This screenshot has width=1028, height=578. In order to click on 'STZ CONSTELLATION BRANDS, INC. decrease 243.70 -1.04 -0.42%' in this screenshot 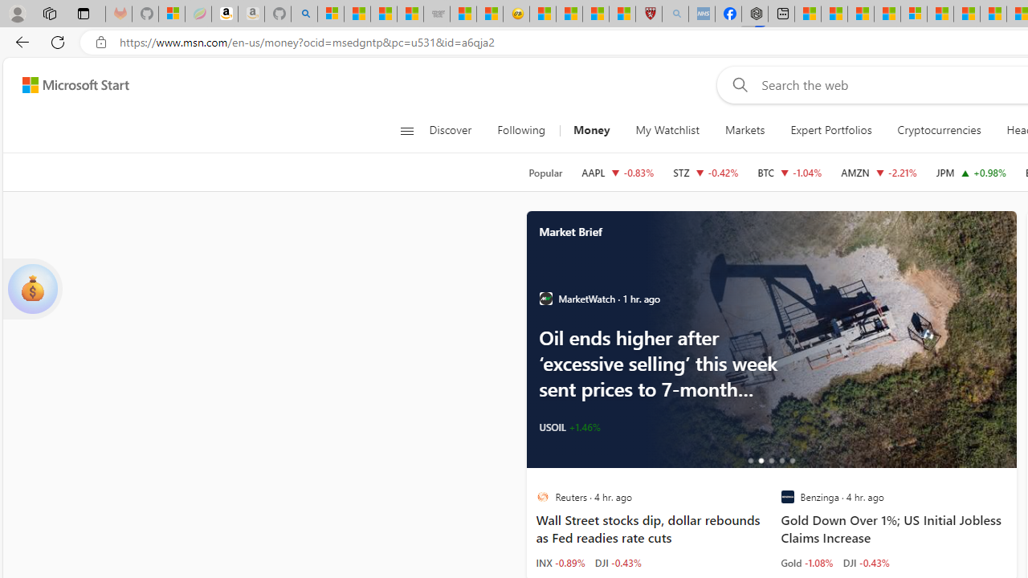, I will do `click(705, 172)`.